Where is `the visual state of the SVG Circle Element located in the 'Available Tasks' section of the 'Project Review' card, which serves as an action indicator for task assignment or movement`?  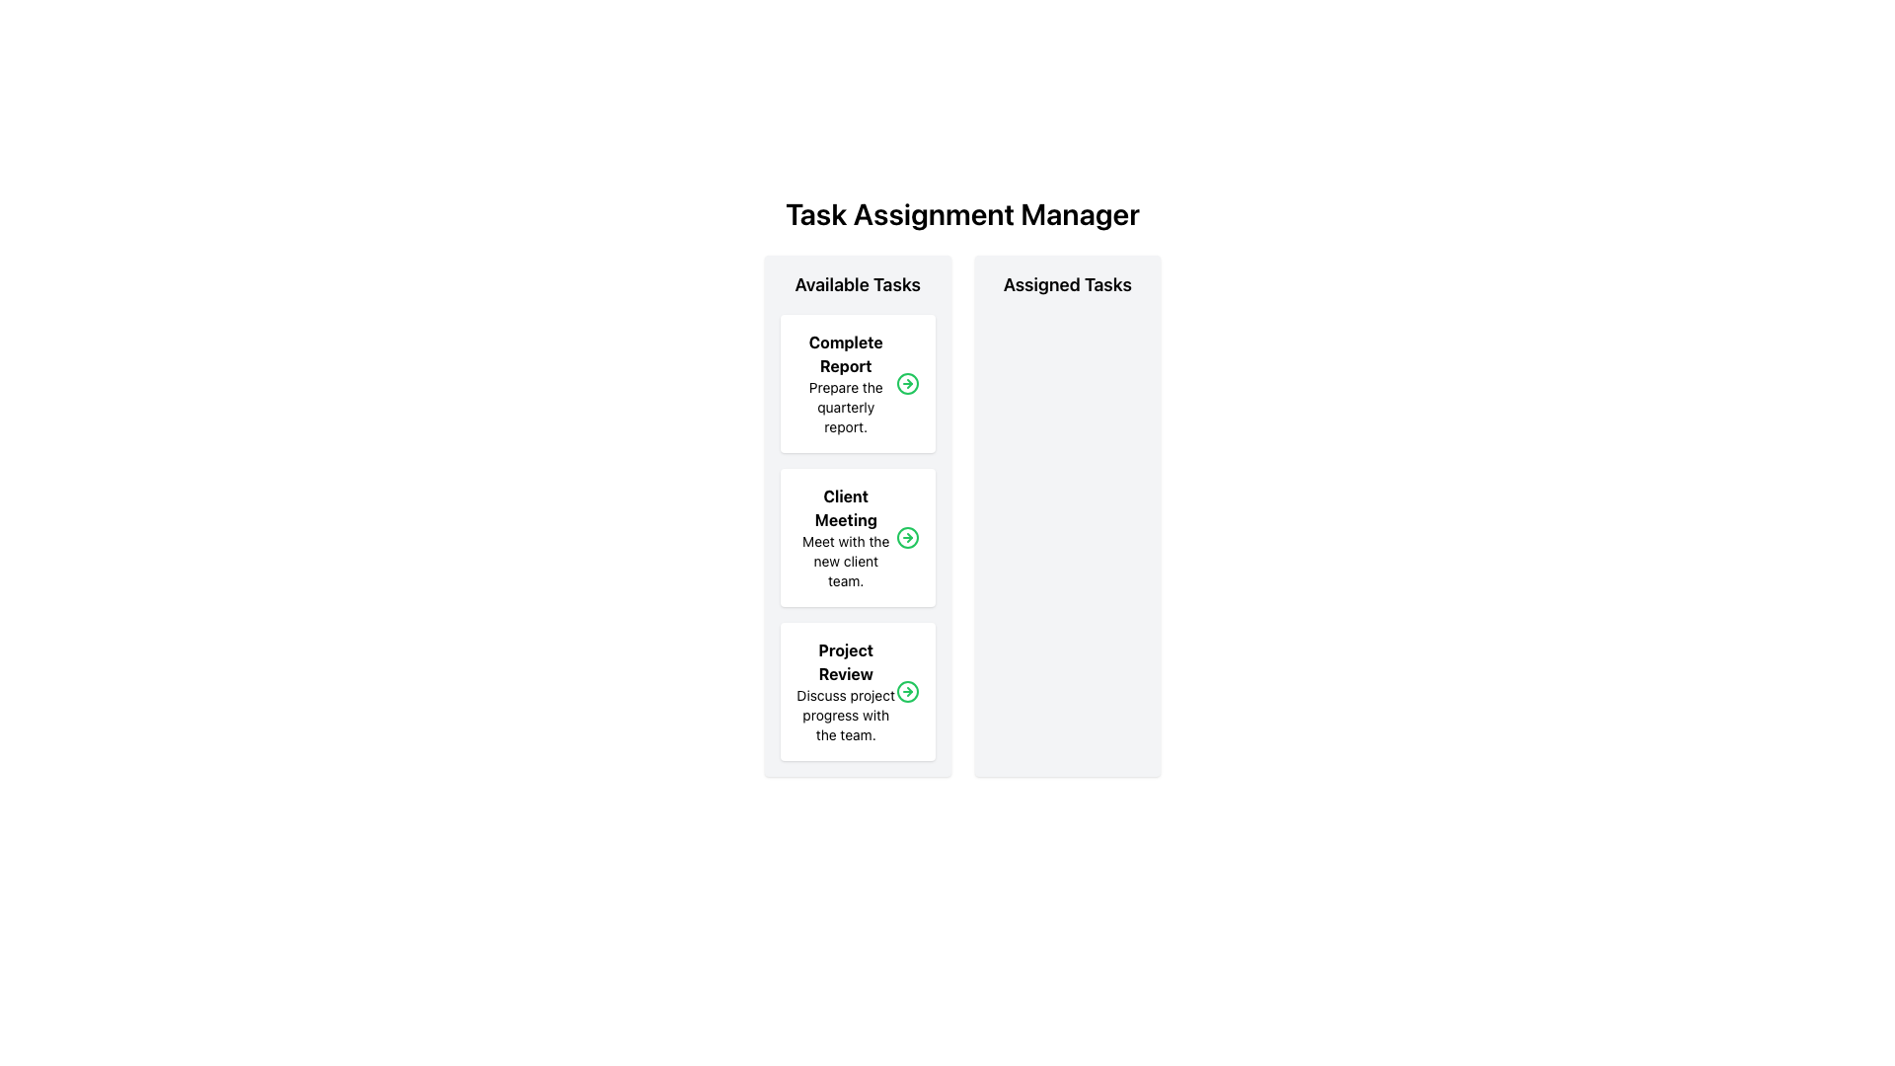 the visual state of the SVG Circle Element located in the 'Available Tasks' section of the 'Project Review' card, which serves as an action indicator for task assignment or movement is located at coordinates (906, 691).